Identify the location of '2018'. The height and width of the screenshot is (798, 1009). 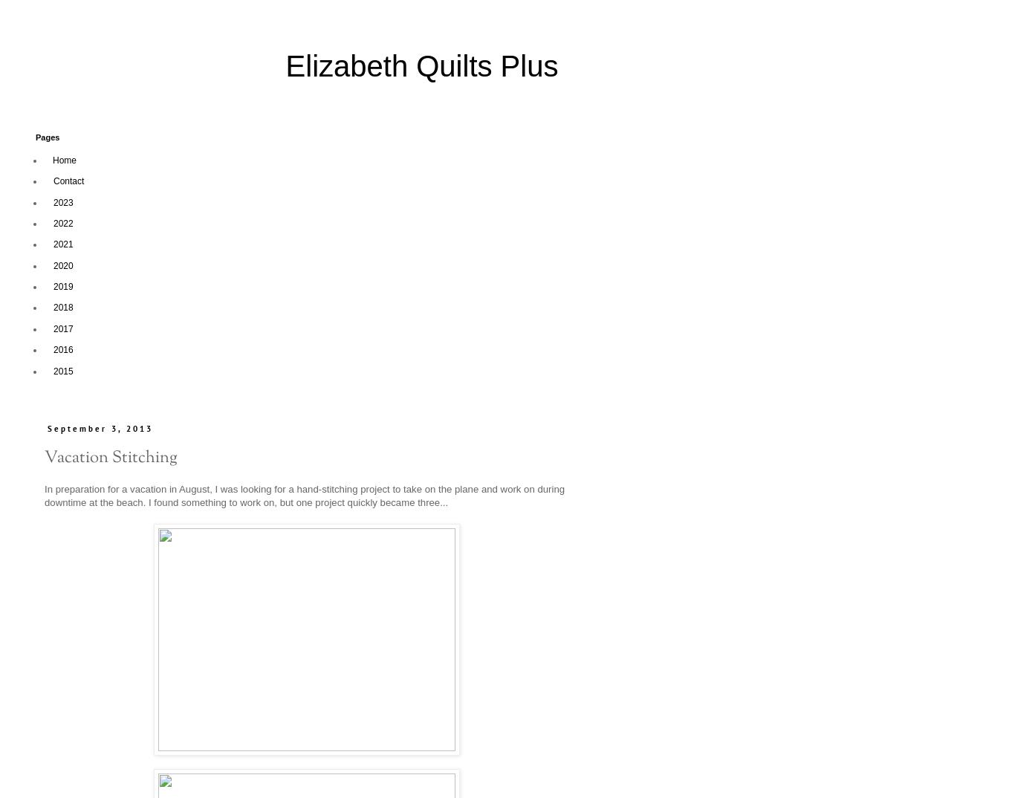
(63, 308).